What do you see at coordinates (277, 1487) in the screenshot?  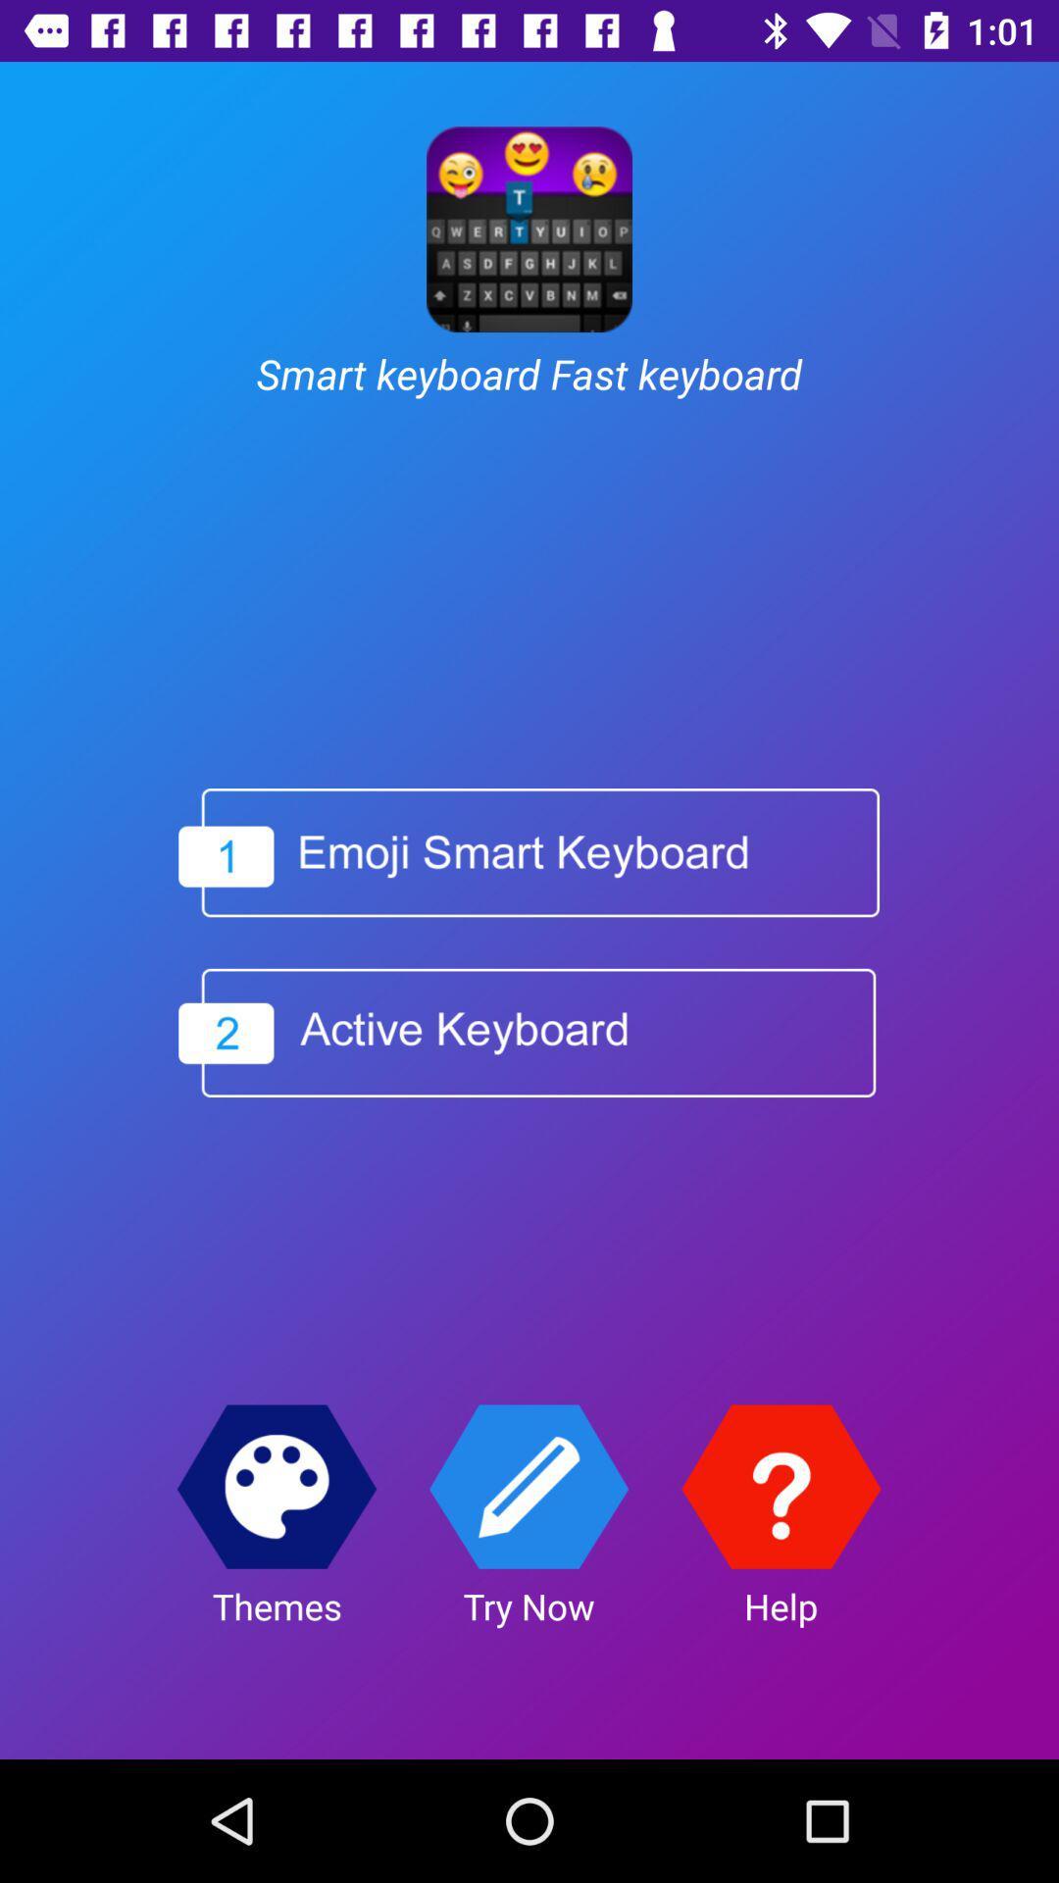 I see `themes` at bounding box center [277, 1487].